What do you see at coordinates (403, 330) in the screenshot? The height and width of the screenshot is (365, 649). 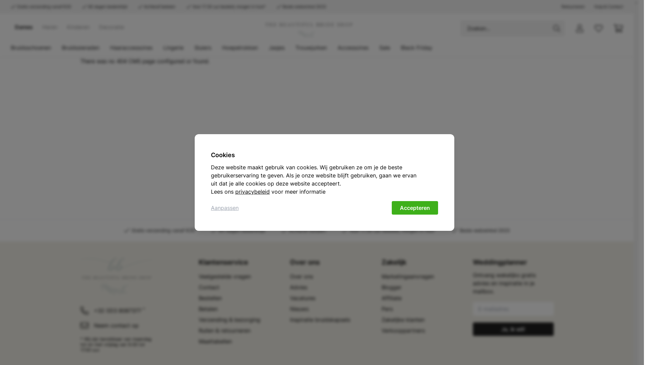 I see `'Verkooppartners'` at bounding box center [403, 330].